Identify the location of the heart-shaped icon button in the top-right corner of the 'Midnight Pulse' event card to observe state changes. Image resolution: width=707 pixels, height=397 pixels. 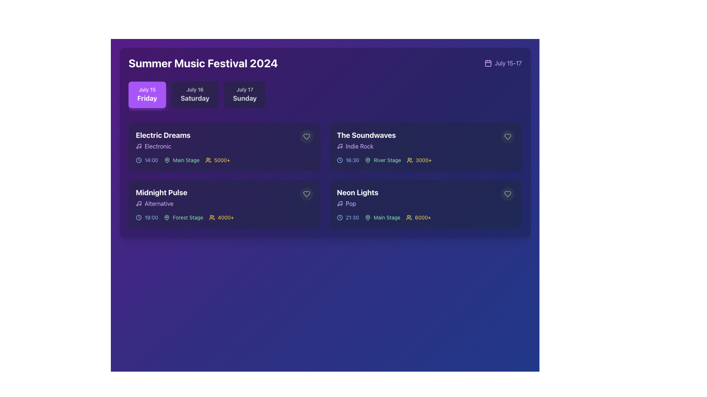
(307, 194).